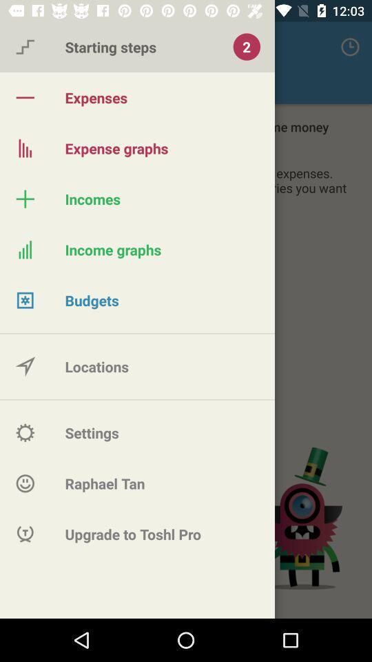 This screenshot has width=372, height=662. Describe the element at coordinates (25, 483) in the screenshot. I see `the emoji beside raphael tan` at that location.